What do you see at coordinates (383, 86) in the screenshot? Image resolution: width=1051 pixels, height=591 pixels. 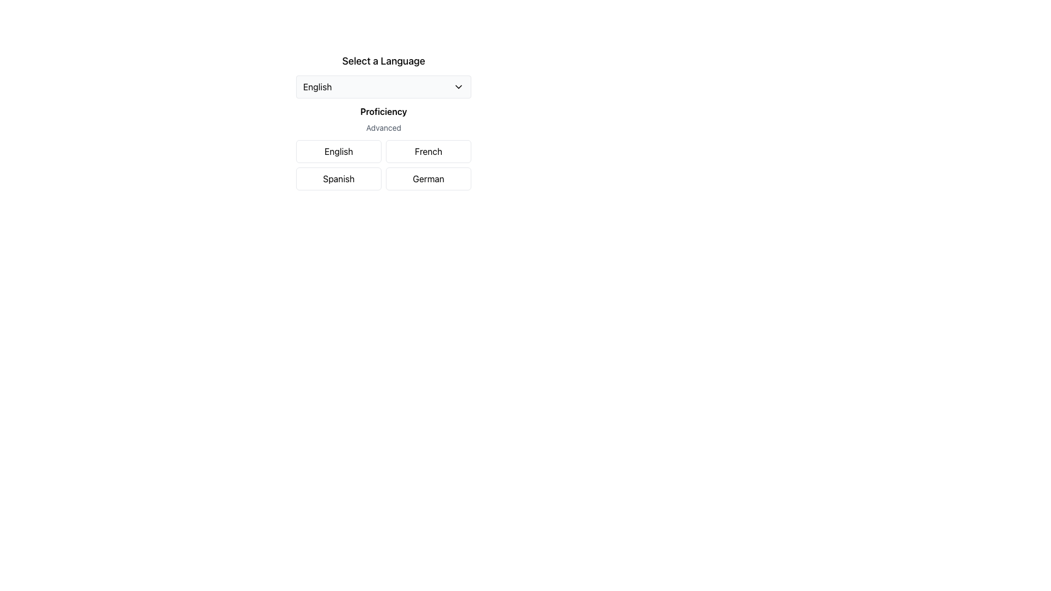 I see `the dropdown menu labeled 'English'` at bounding box center [383, 86].